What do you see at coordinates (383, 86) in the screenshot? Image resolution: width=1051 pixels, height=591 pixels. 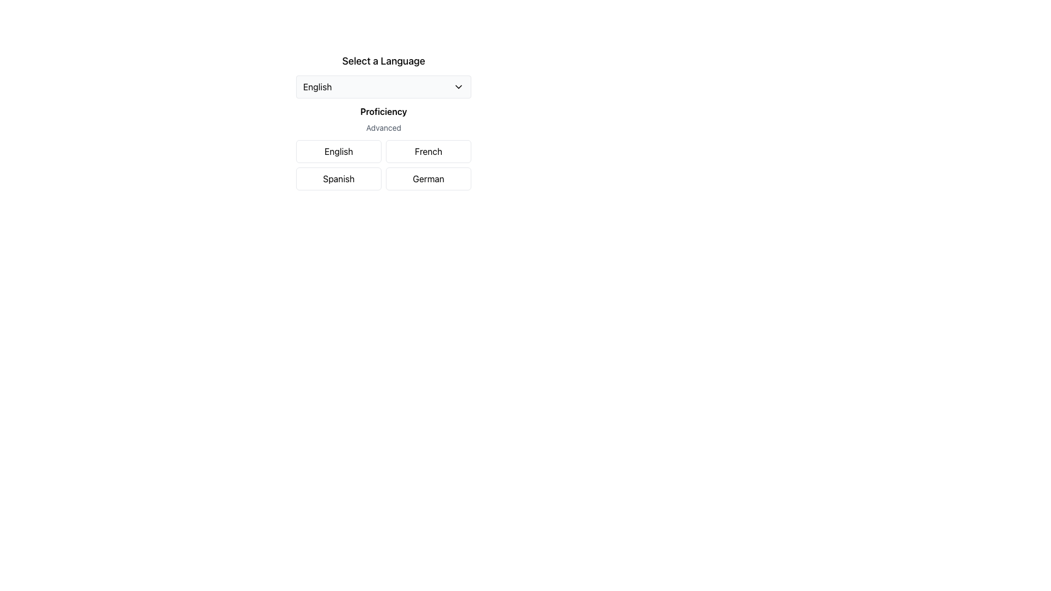 I see `the dropdown menu labeled 'English'` at bounding box center [383, 86].